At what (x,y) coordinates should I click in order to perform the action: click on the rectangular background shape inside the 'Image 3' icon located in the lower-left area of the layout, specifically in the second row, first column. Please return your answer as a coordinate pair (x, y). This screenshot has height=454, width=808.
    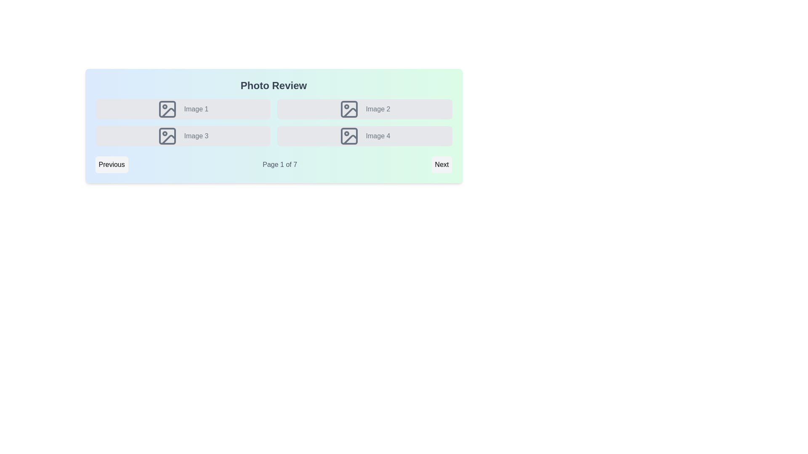
    Looking at the image, I should click on (167, 136).